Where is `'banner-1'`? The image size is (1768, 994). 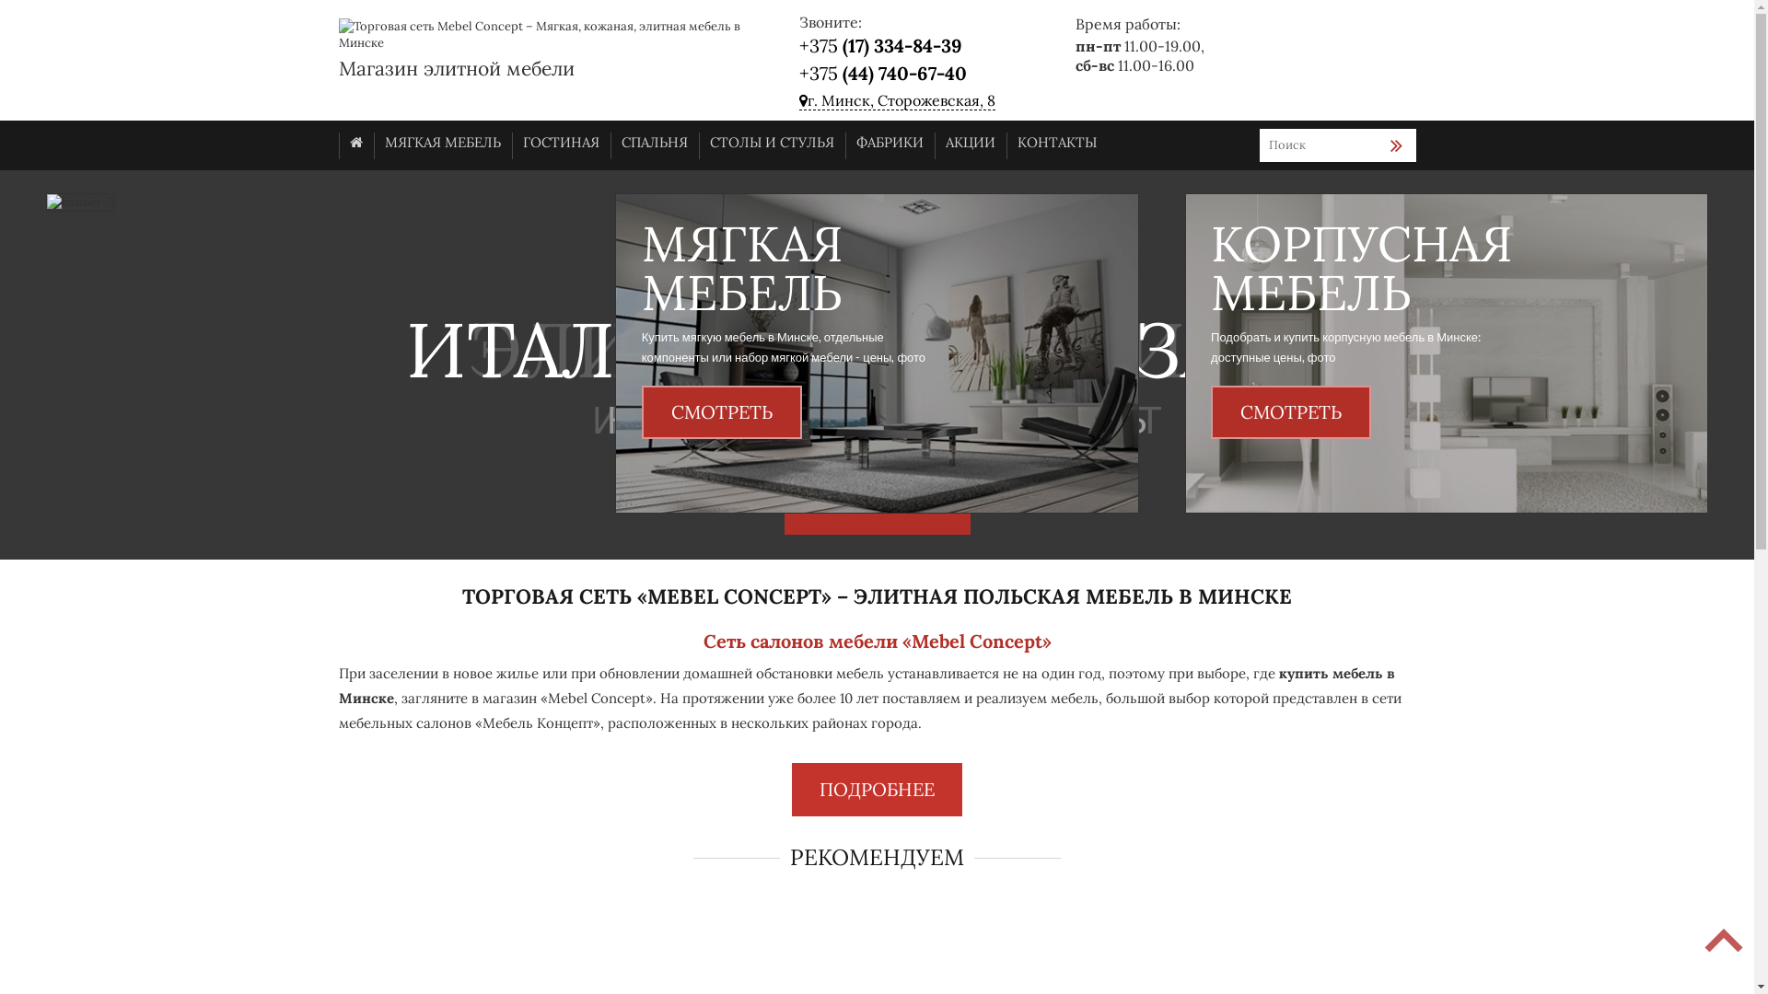
'banner-1' is located at coordinates (875, 353).